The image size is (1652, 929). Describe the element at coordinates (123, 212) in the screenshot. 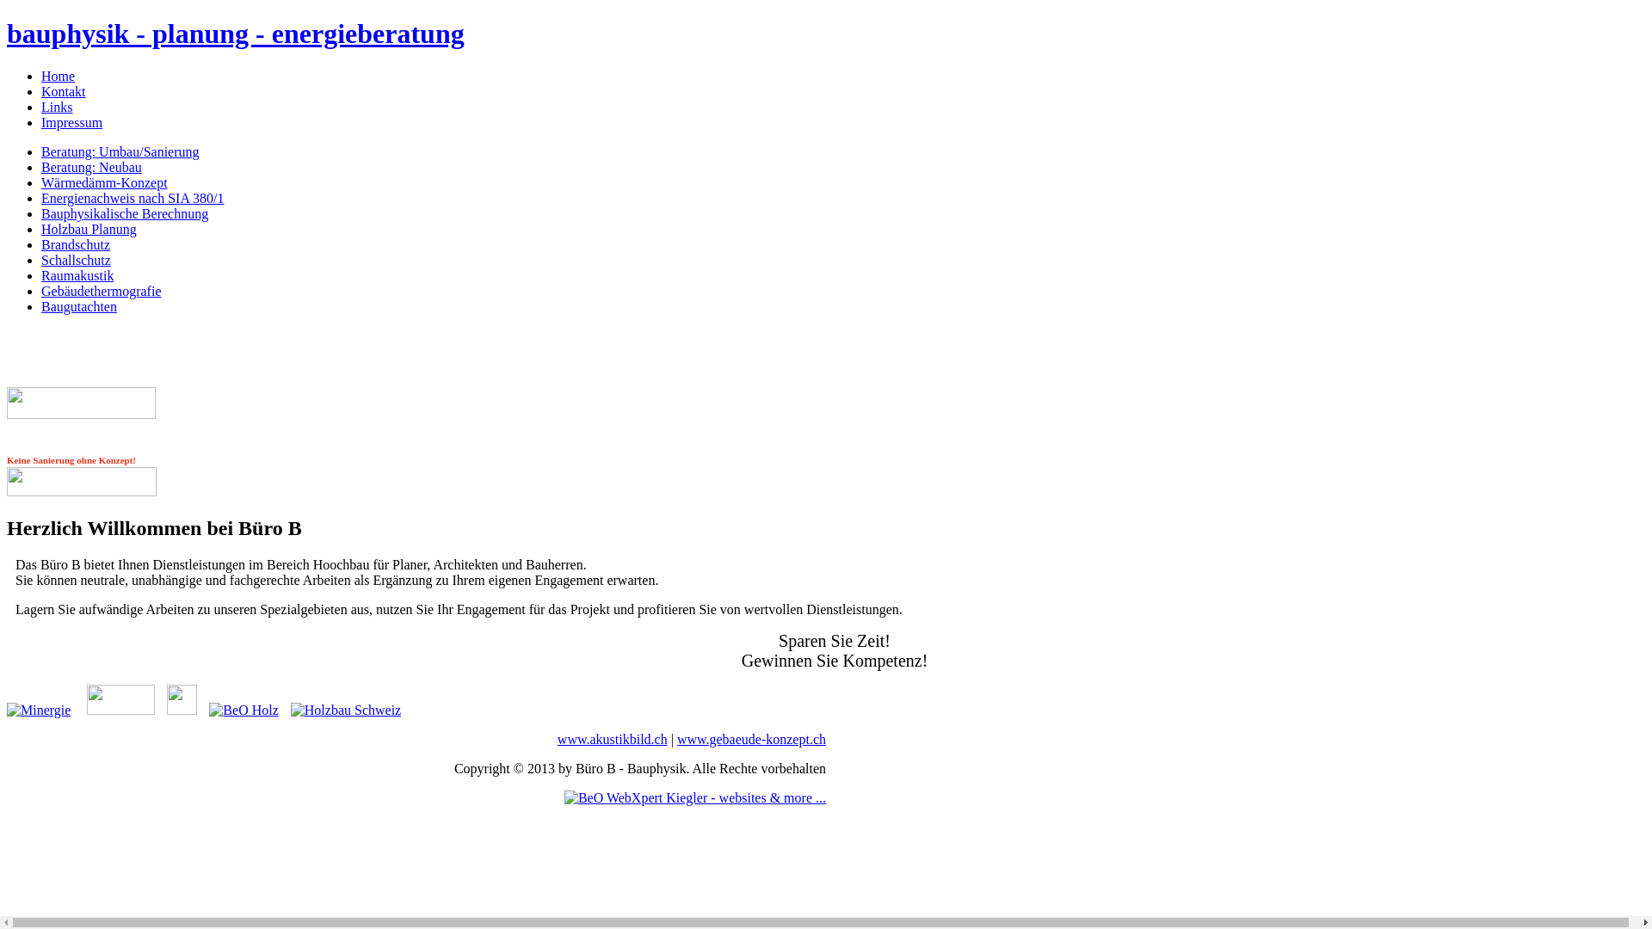

I see `'Bauphysikalische Berechnung'` at that location.